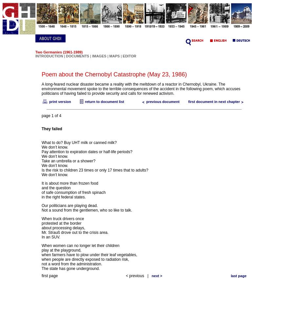 The image size is (295, 328). What do you see at coordinates (146, 102) in the screenshot?
I see `'previous document'` at bounding box center [146, 102].